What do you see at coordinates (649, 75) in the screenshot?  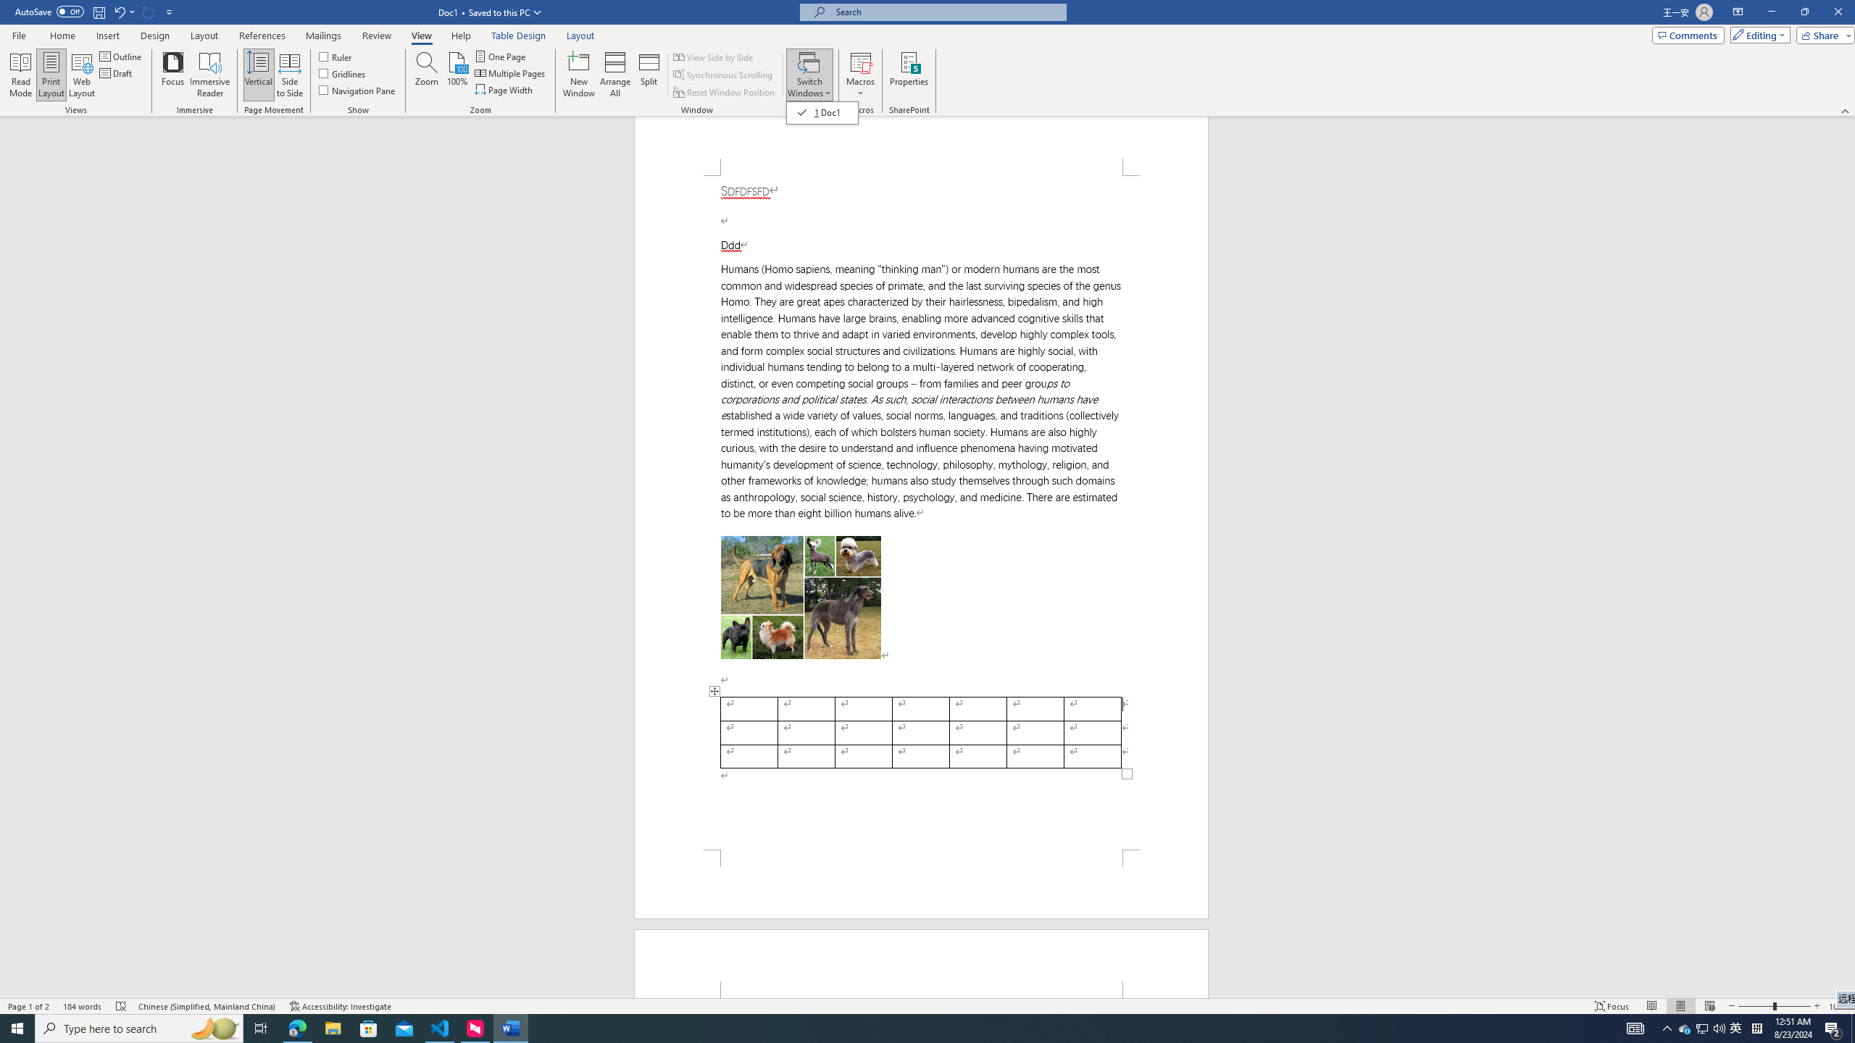 I see `'Split'` at bounding box center [649, 75].